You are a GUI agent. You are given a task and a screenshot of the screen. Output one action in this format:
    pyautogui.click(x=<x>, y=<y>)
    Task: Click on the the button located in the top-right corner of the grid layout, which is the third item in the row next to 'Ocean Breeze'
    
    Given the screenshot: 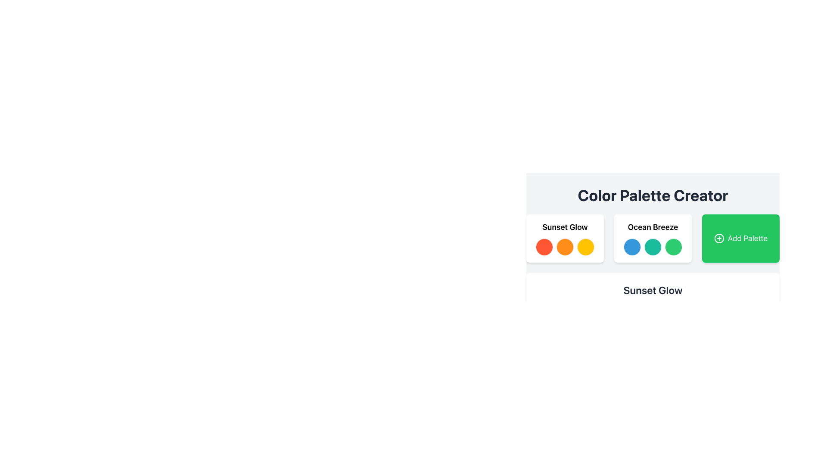 What is the action you would take?
    pyautogui.click(x=740, y=239)
    